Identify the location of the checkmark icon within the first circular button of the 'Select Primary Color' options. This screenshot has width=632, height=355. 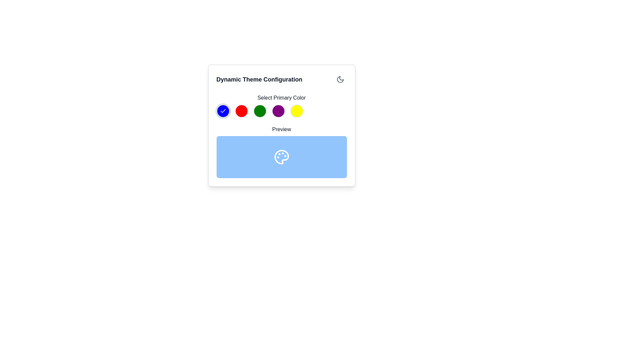
(223, 111).